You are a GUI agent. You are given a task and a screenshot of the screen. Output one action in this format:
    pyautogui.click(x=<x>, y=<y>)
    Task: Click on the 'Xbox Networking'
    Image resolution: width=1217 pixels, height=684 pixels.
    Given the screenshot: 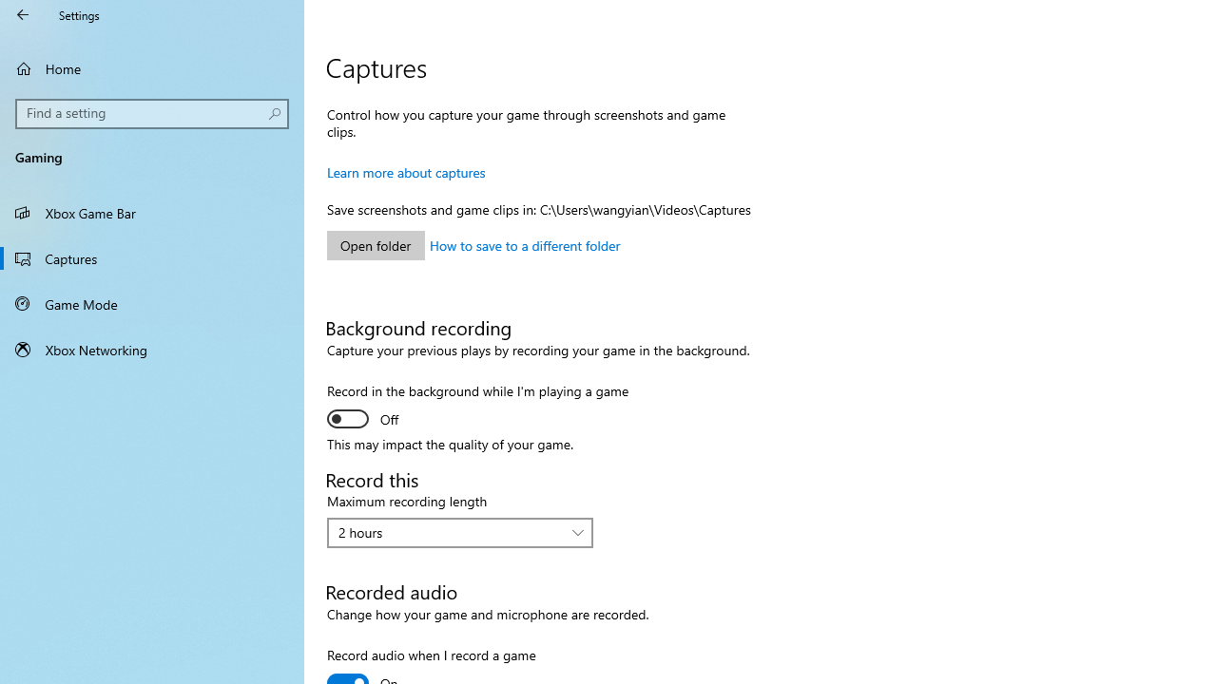 What is the action you would take?
    pyautogui.click(x=152, y=349)
    